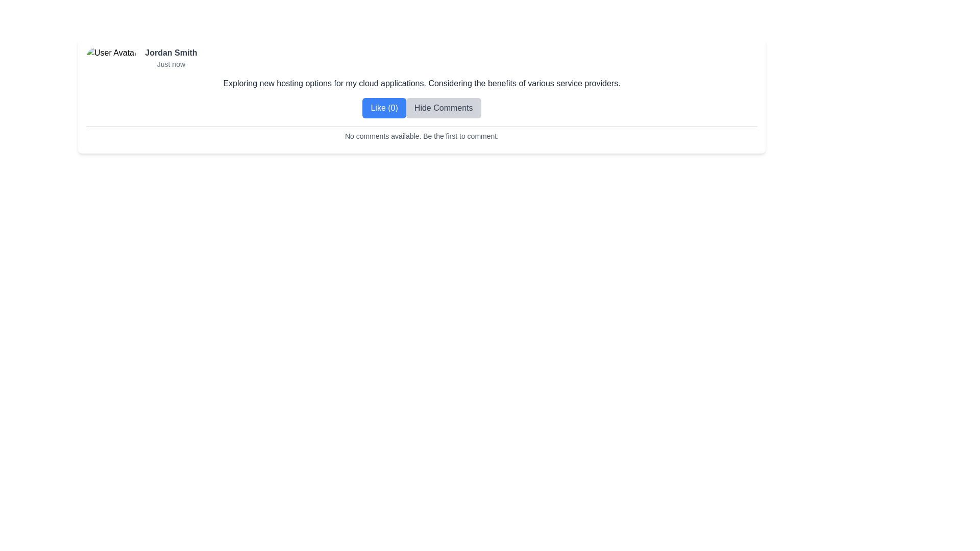 Image resolution: width=980 pixels, height=551 pixels. I want to click on the 'Like (0)' button, which is a rectangular button with rounded corners, bright blue background and white text, so click(384, 108).